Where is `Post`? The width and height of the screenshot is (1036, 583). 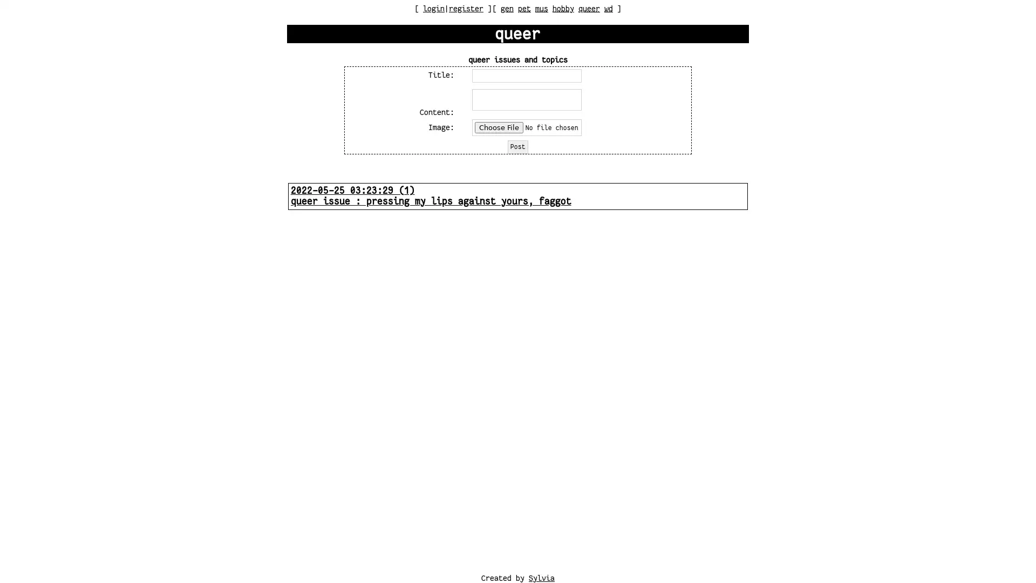 Post is located at coordinates (517, 146).